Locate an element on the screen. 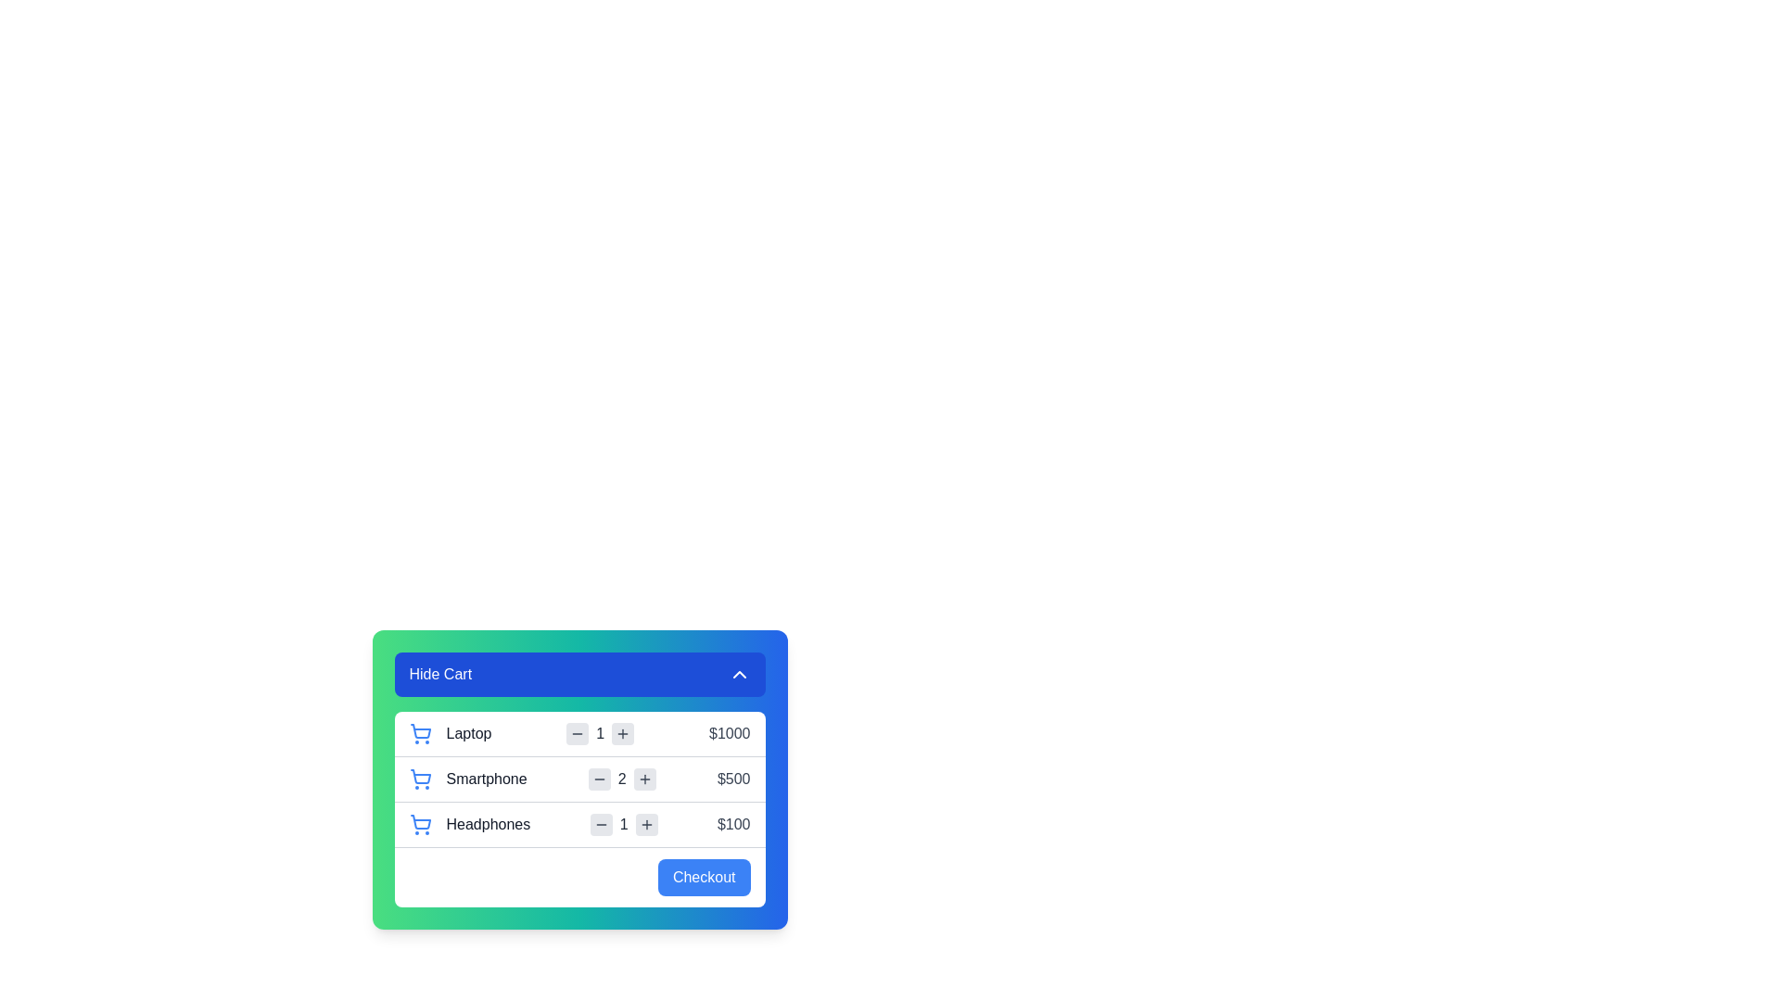 This screenshot has width=1780, height=1001. the Label displaying the current quantity of 'Headphones' in the cart, which is positioned between two buttons in the third row of the cart interface is located at coordinates (624, 824).